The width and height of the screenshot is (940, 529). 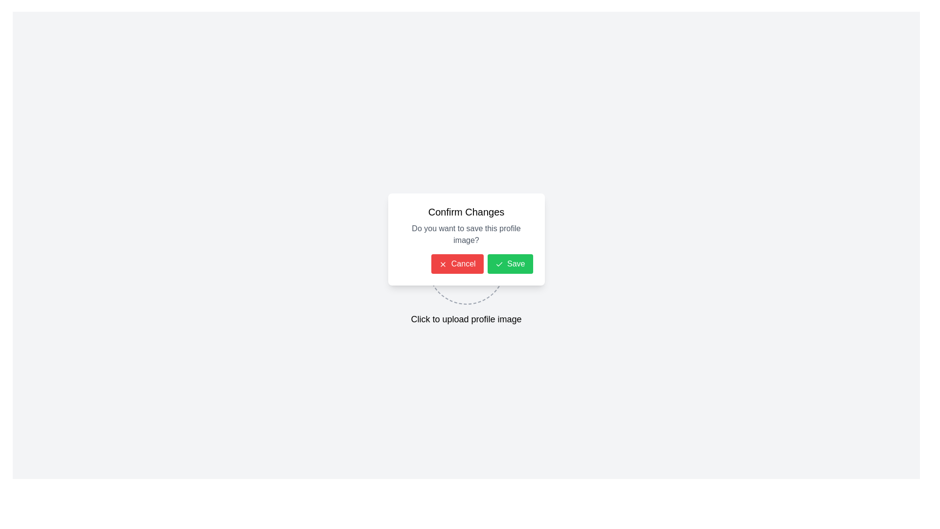 I want to click on the 'Cancel' button located on the left side of the button group in the modal dialog box, so click(x=466, y=264).